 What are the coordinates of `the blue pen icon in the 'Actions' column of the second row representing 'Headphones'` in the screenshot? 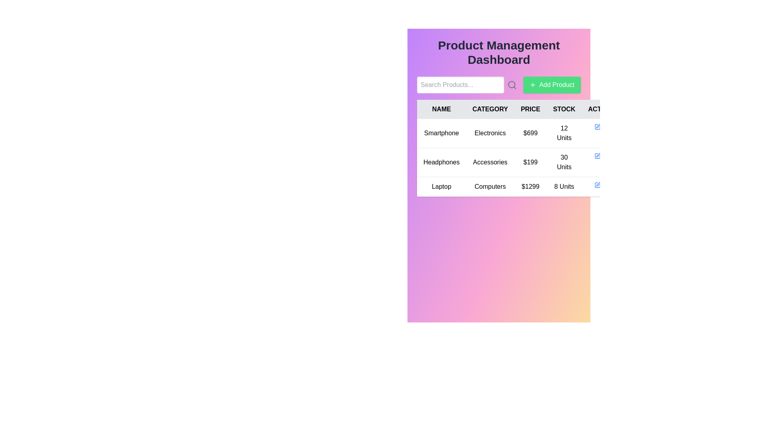 It's located at (598, 156).